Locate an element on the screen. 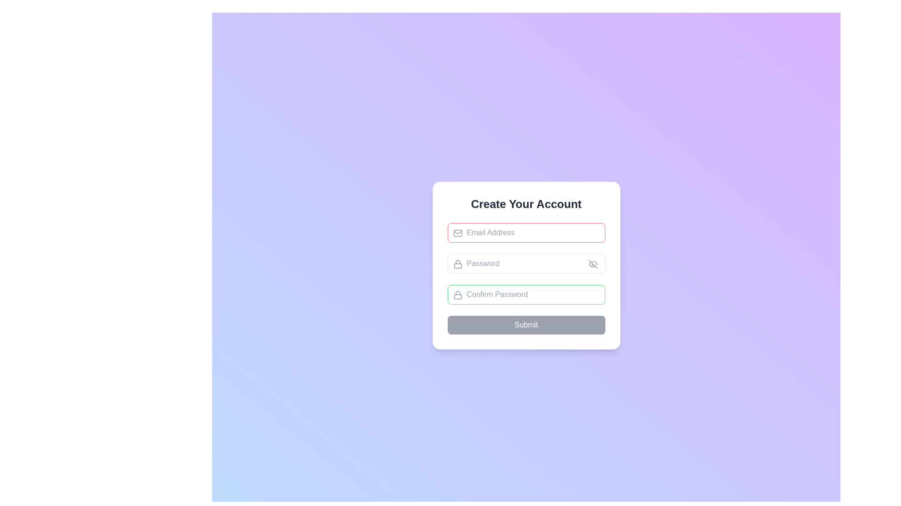  the password input field, which is the second input field in a vertically arranged form is located at coordinates (526, 264).